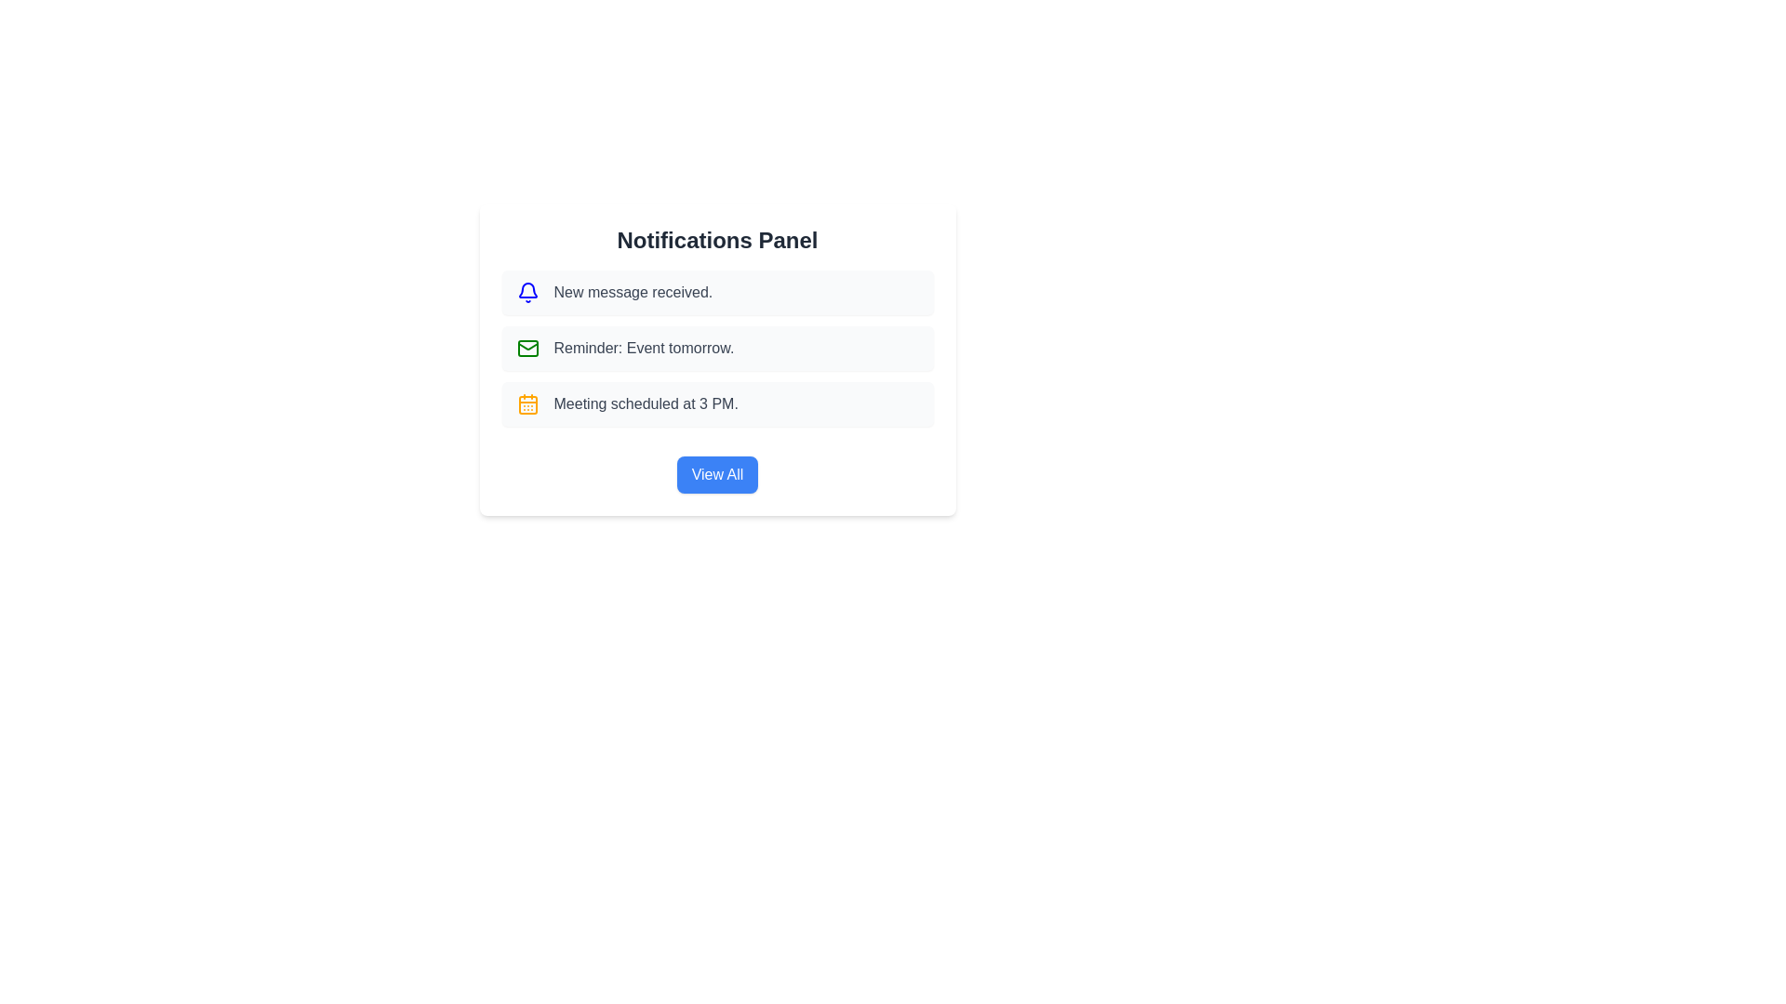 This screenshot has width=1786, height=1004. Describe the element at coordinates (716, 381) in the screenshot. I see `the 'Notifications Panel'` at that location.